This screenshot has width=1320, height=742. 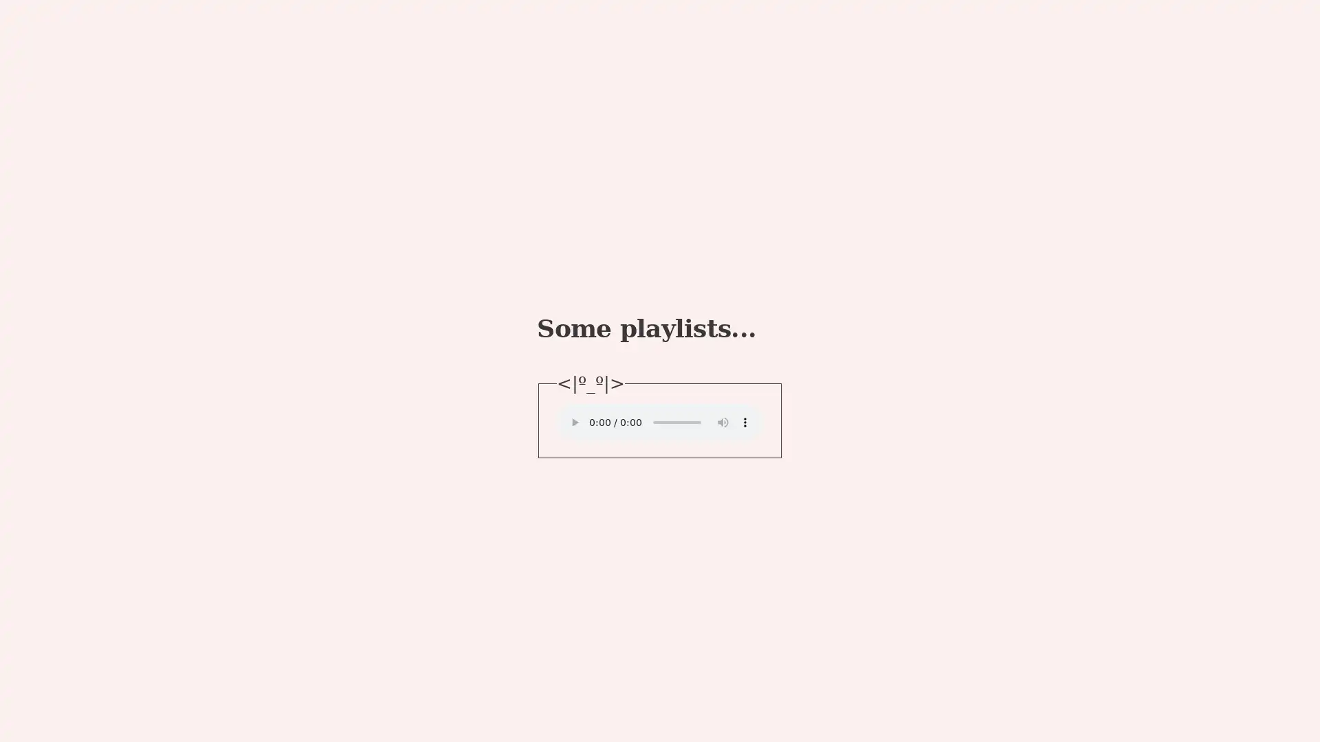 What do you see at coordinates (722, 420) in the screenshot?
I see `mute` at bounding box center [722, 420].